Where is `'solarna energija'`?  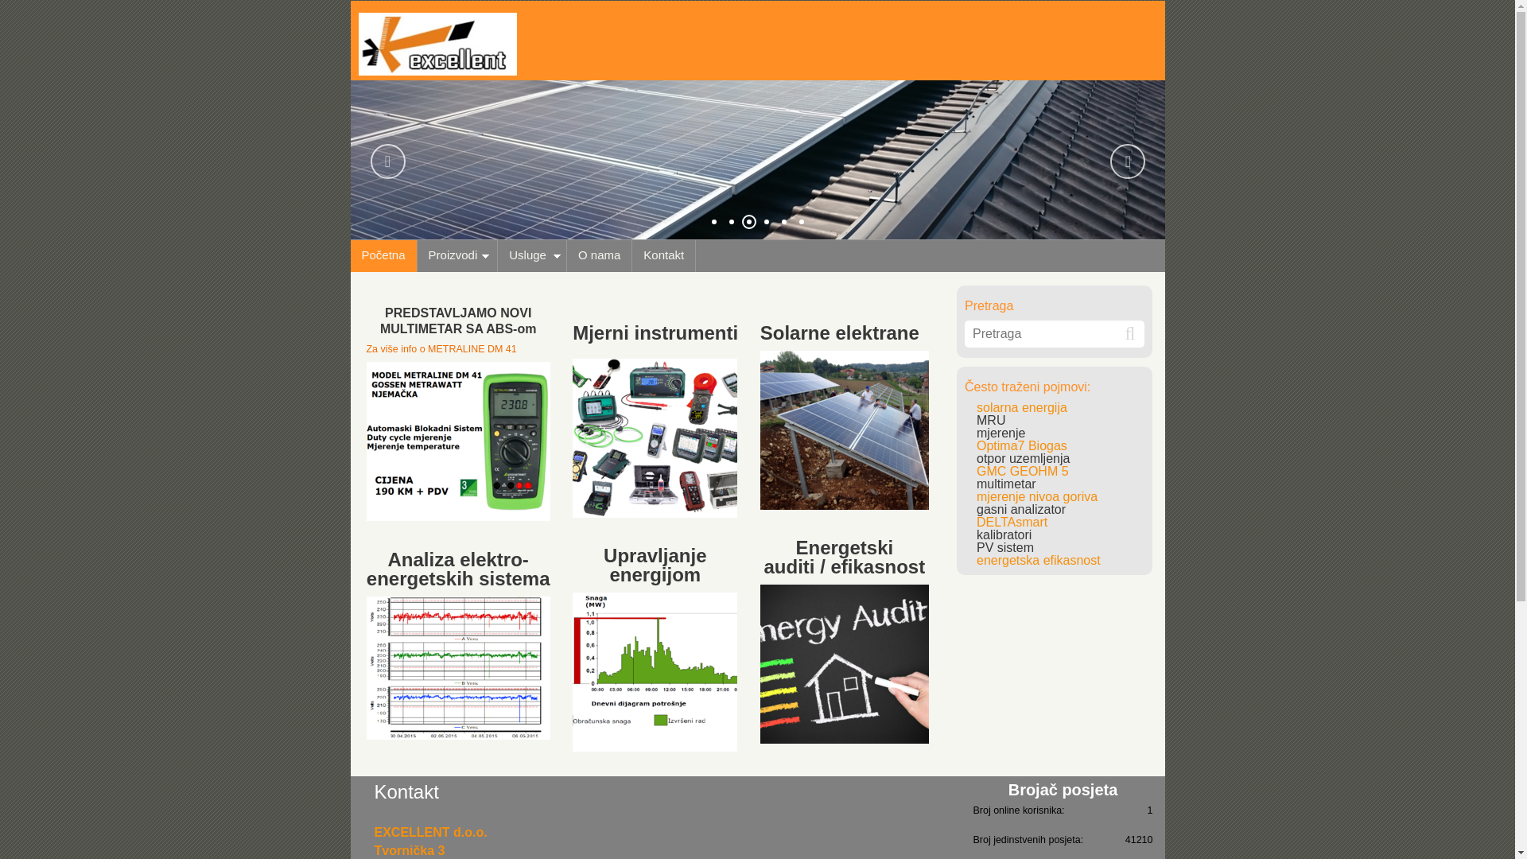 'solarna energija' is located at coordinates (1022, 406).